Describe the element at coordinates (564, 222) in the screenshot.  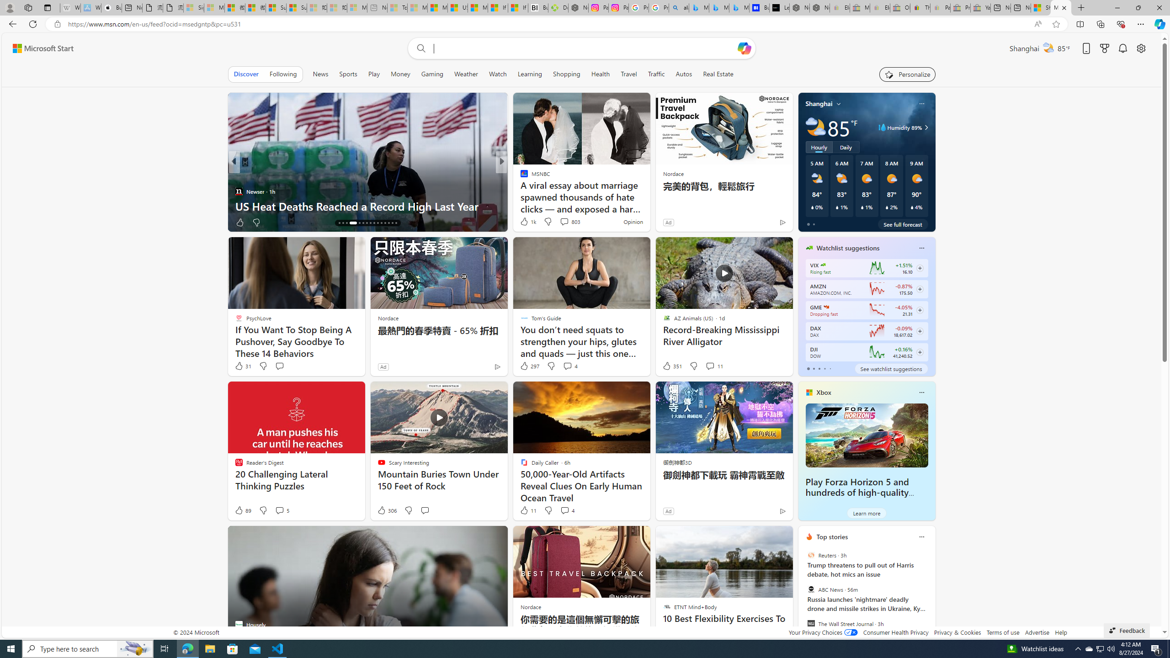
I see `'View comments 15 Comment'` at that location.